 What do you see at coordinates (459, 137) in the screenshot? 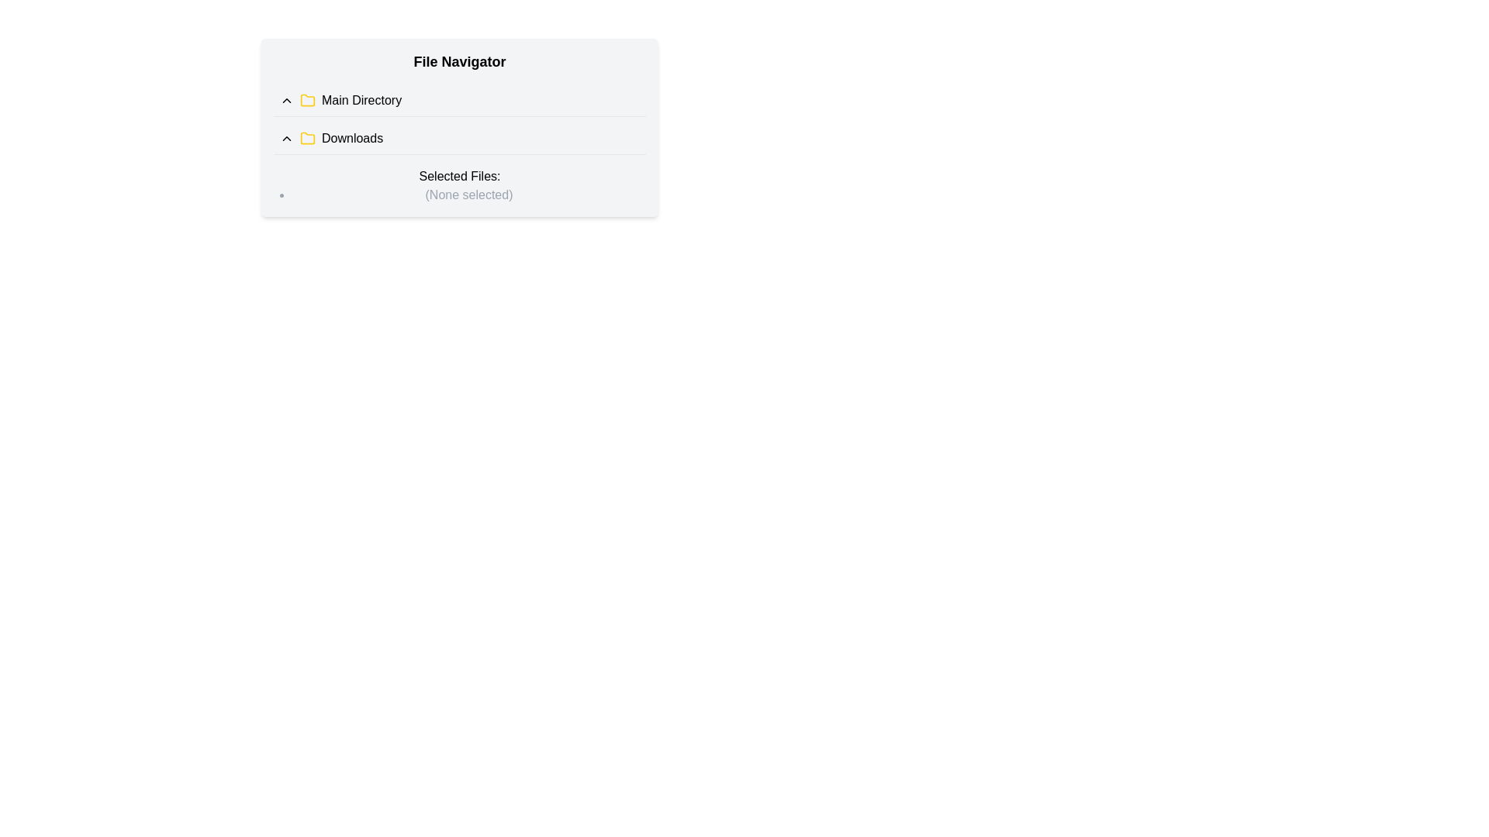
I see `the 'Downloads' directory entry` at bounding box center [459, 137].